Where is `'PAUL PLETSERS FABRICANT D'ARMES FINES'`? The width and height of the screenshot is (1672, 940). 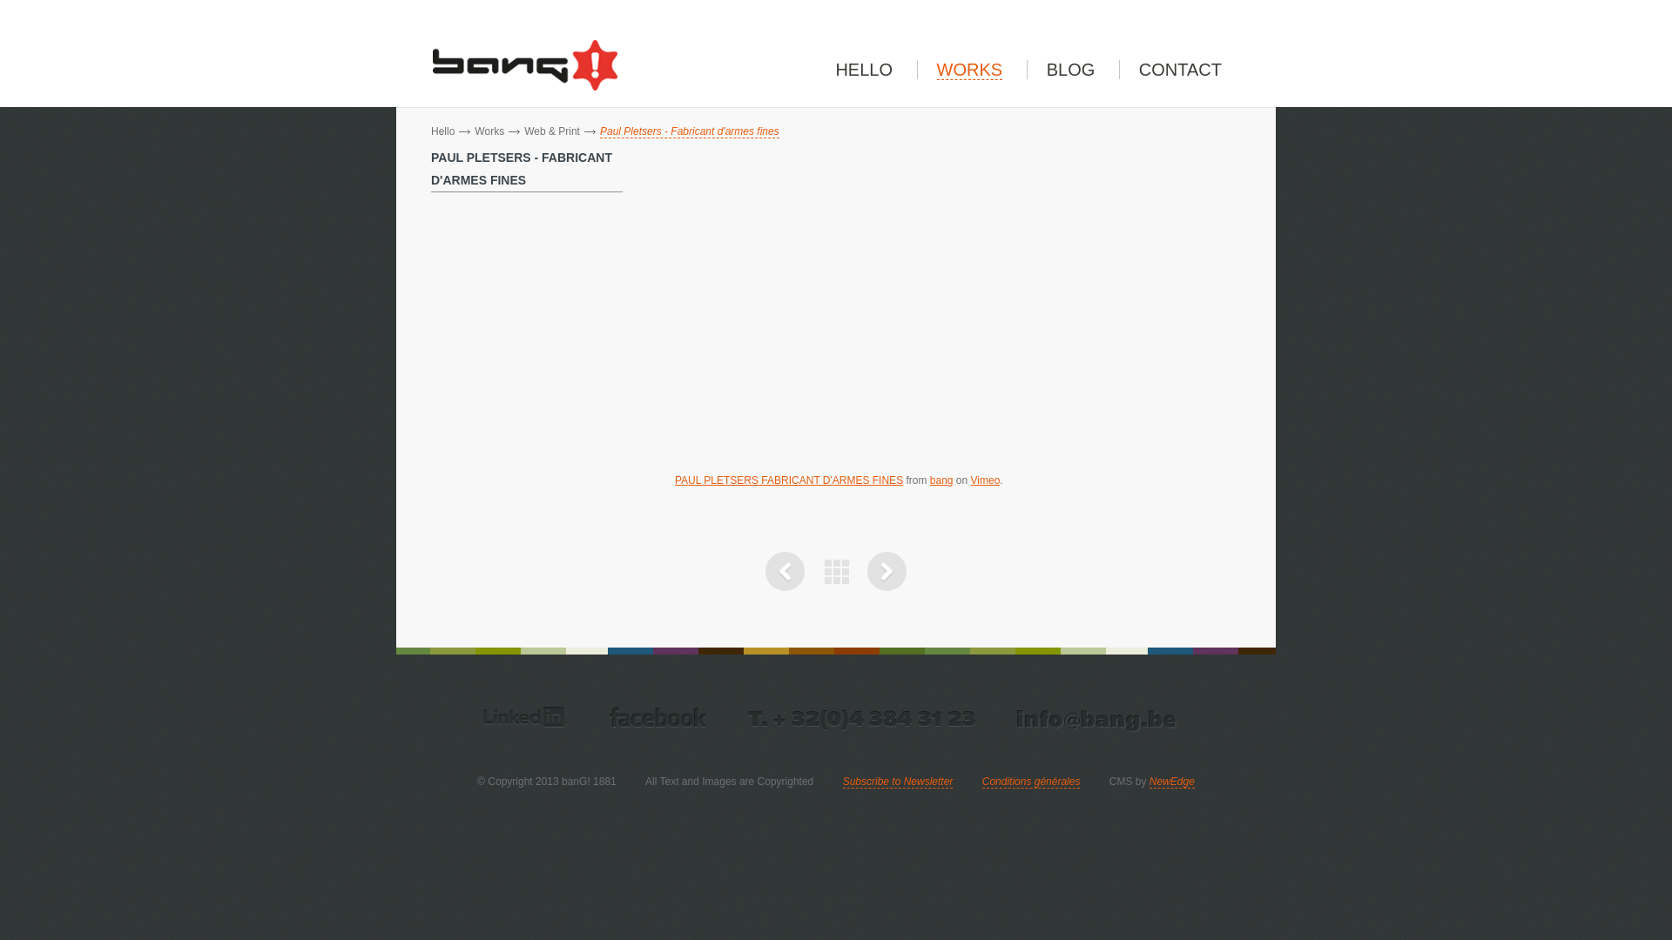
'PAUL PLETSERS FABRICANT D'ARMES FINES' is located at coordinates (788, 480).